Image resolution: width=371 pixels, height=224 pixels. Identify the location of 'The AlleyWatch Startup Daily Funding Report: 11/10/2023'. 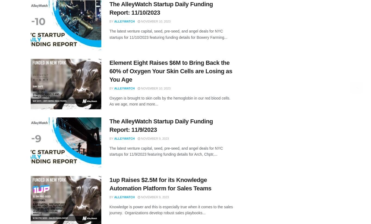
(109, 8).